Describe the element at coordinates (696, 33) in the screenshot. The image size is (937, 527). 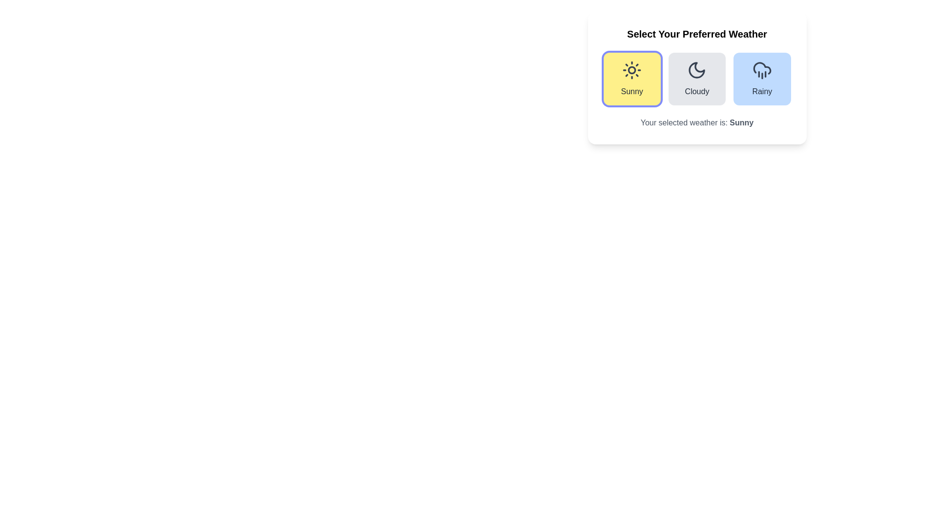
I see `the heading text label that indicates the purpose of the weather selection interface, positioned at the top of the box containing options for 'Sunny,' 'Cloudy,' and 'Rainy.'` at that location.